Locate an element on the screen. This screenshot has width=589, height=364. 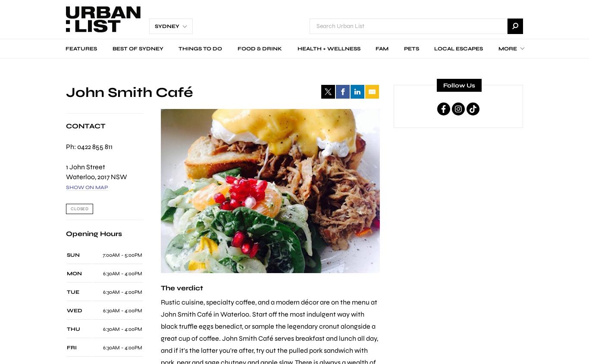
'NSW' is located at coordinates (119, 176).